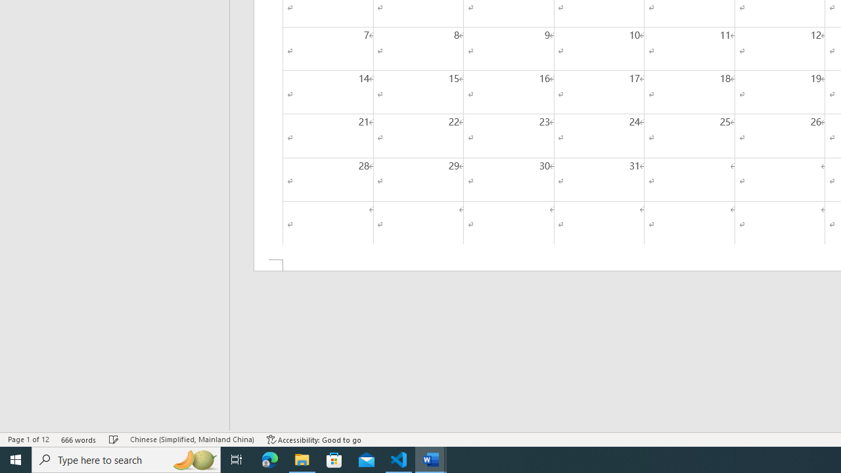 This screenshot has height=473, width=841. Describe the element at coordinates (191, 439) in the screenshot. I see `'Language Chinese (Simplified, Mainland China)'` at that location.